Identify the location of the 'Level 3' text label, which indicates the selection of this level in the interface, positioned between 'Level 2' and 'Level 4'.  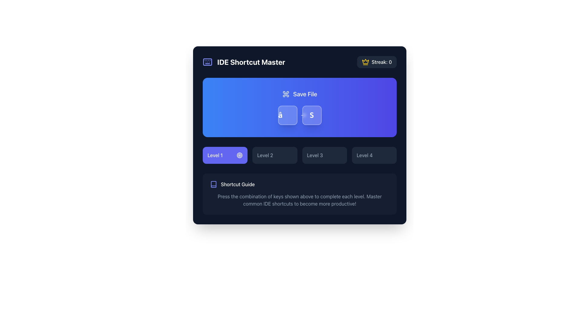
(315, 155).